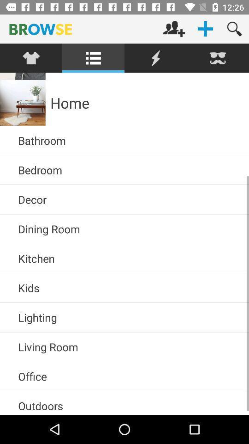 Image resolution: width=249 pixels, height=444 pixels. I want to click on accessories option, so click(31, 58).